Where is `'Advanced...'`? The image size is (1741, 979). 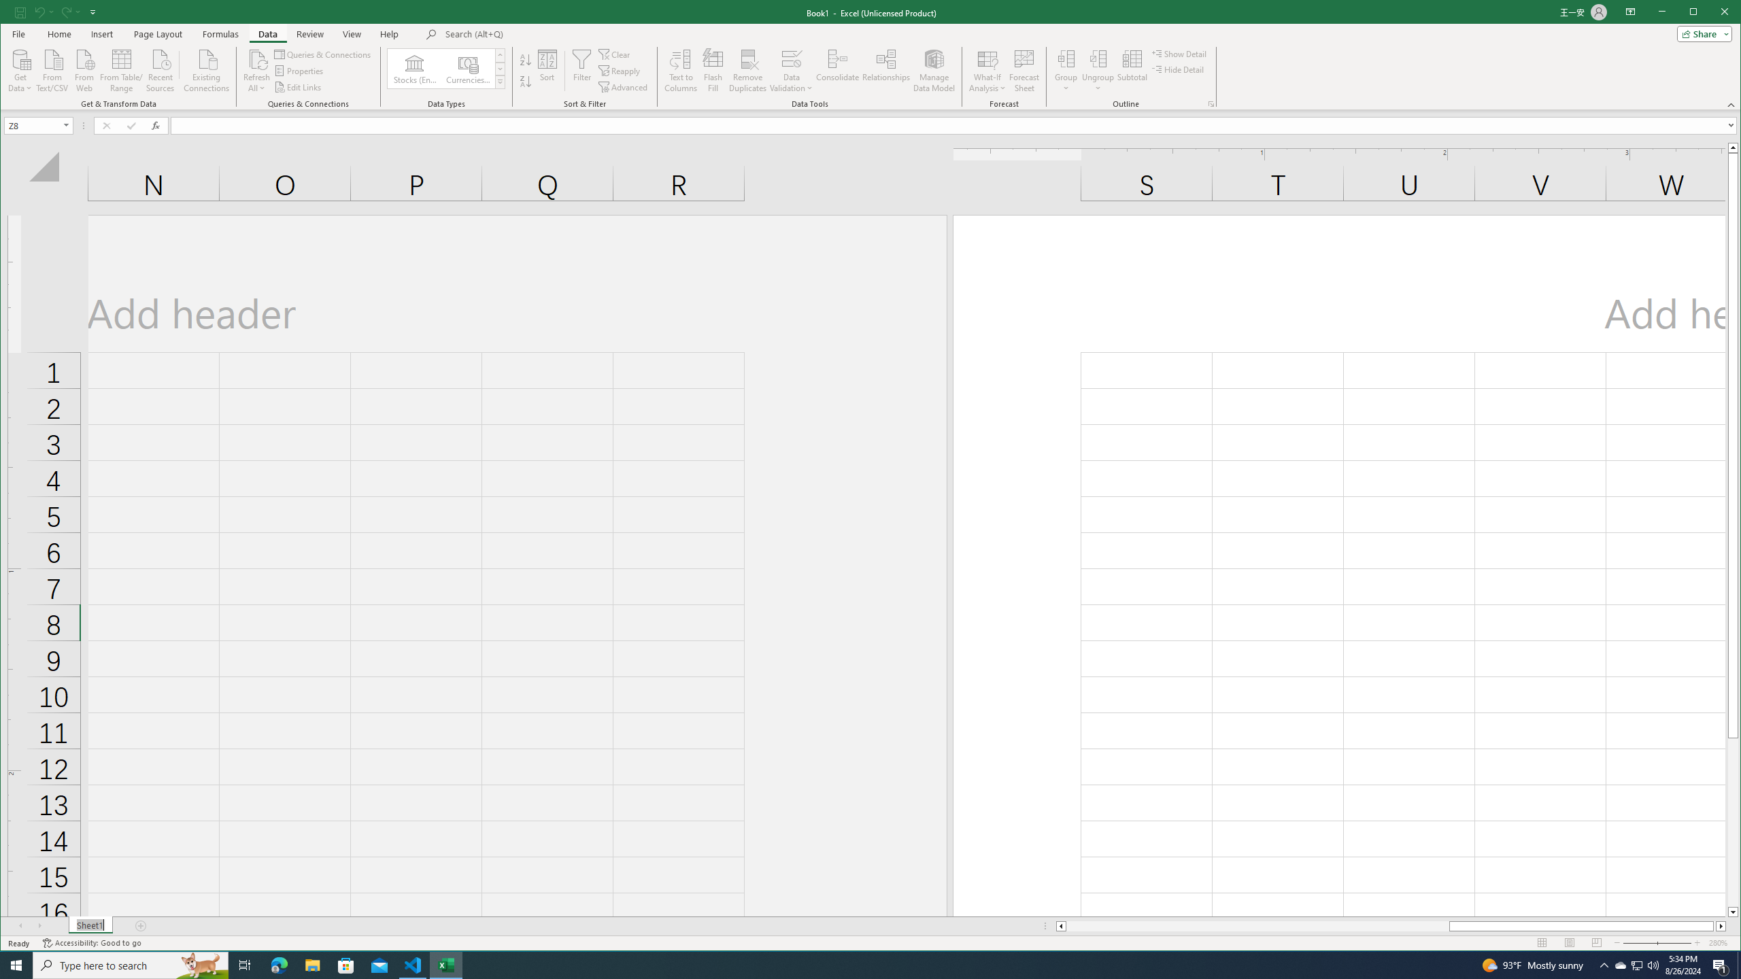
'Advanced...' is located at coordinates (624, 86).